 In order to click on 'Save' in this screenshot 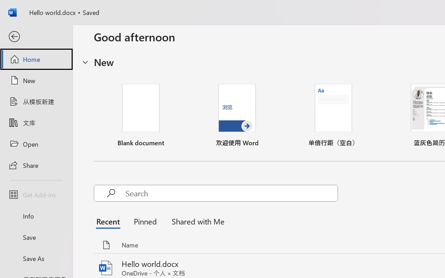, I will do `click(36, 237)`.